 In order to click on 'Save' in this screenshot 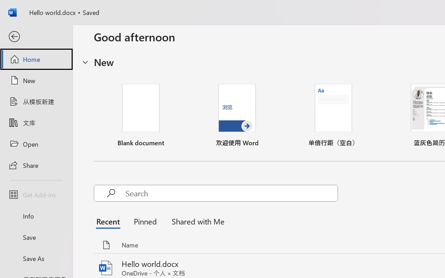, I will do `click(36, 237)`.